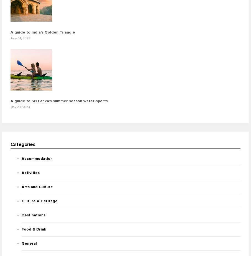  What do you see at coordinates (37, 158) in the screenshot?
I see `'Accommodation'` at bounding box center [37, 158].